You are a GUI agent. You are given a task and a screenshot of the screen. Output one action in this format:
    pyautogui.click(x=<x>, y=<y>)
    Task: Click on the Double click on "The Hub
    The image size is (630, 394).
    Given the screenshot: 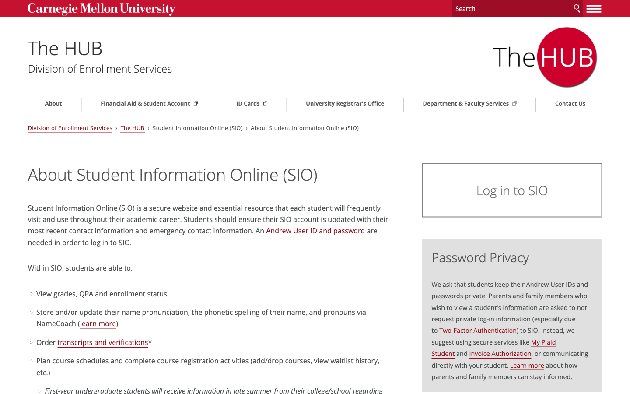 What is the action you would take?
    pyautogui.click(x=91, y=46)
    